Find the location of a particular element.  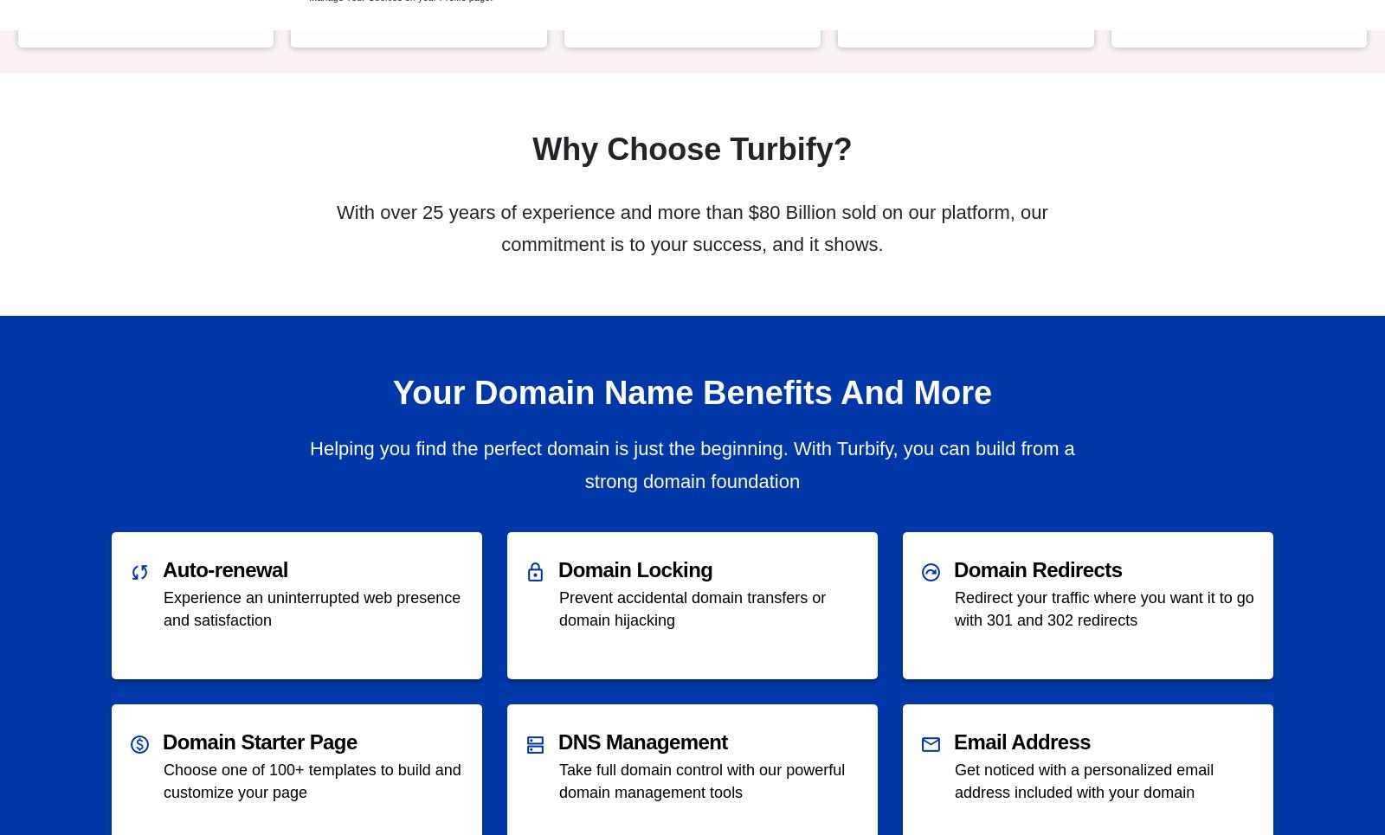

'mail' is located at coordinates (931, 743).